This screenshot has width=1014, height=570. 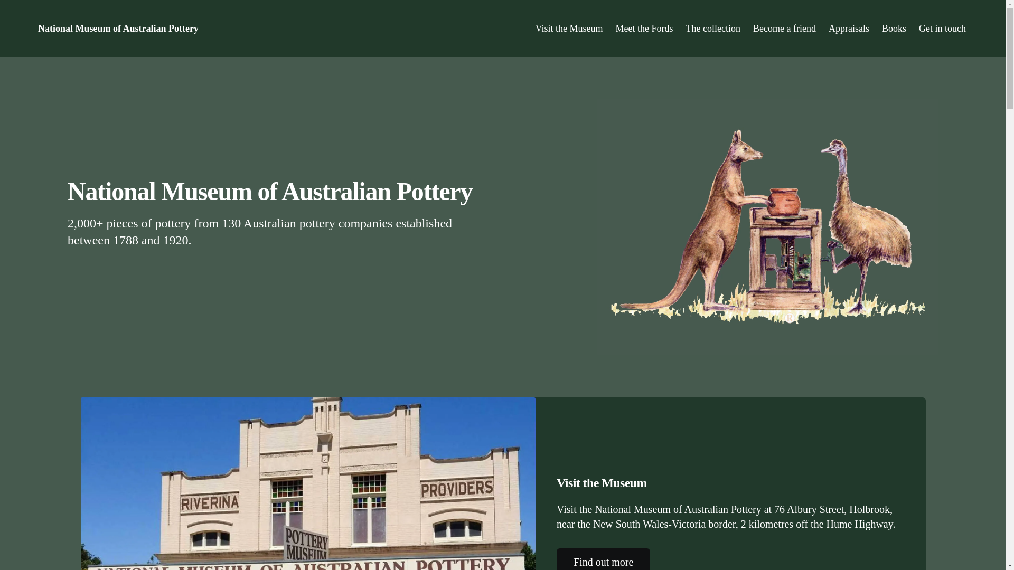 I want to click on 'National Museum of, so click(x=118, y=28).